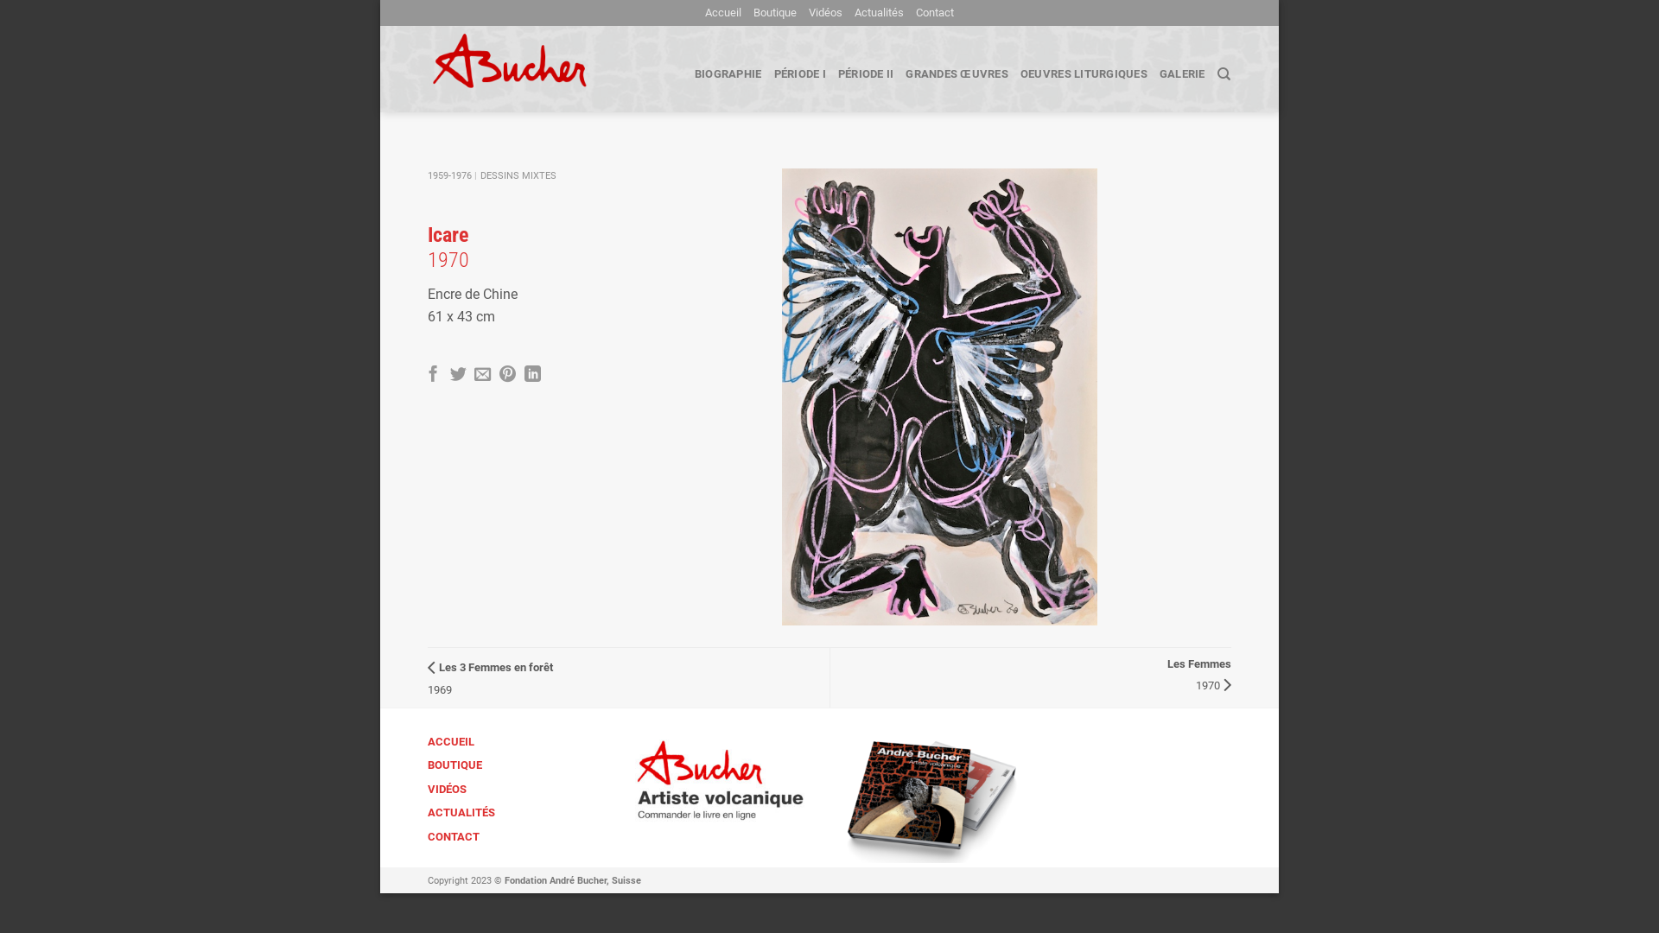  I want to click on 'Boutique', so click(774, 13).